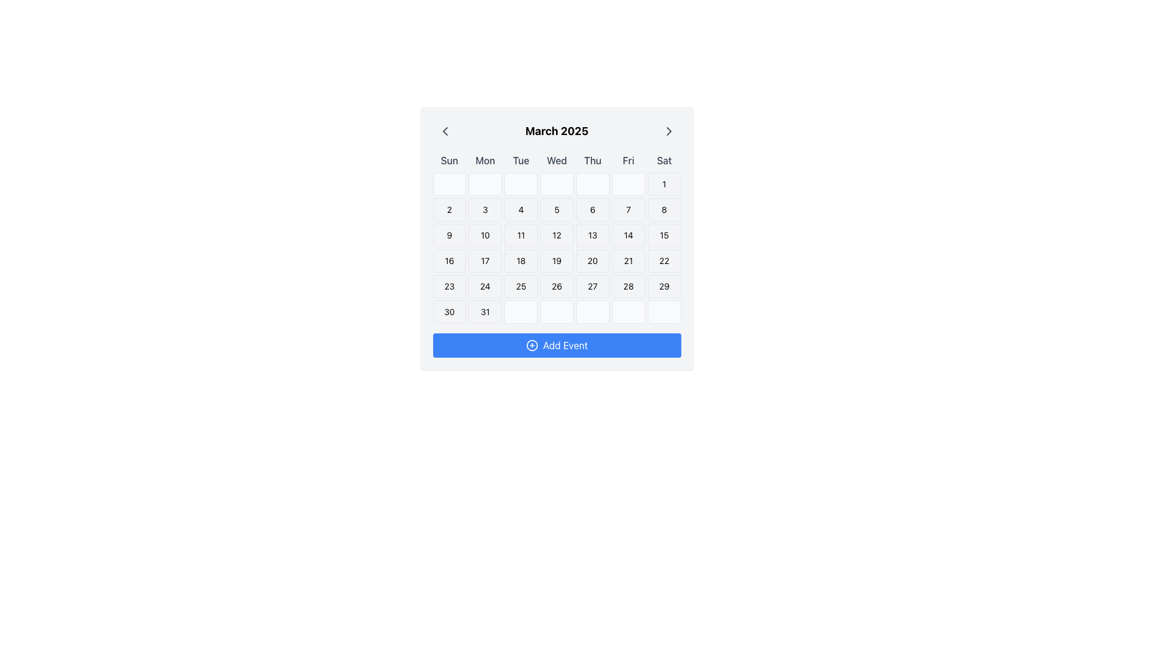  I want to click on the calendar day cell representing the 21st of March 2025, so click(628, 260).